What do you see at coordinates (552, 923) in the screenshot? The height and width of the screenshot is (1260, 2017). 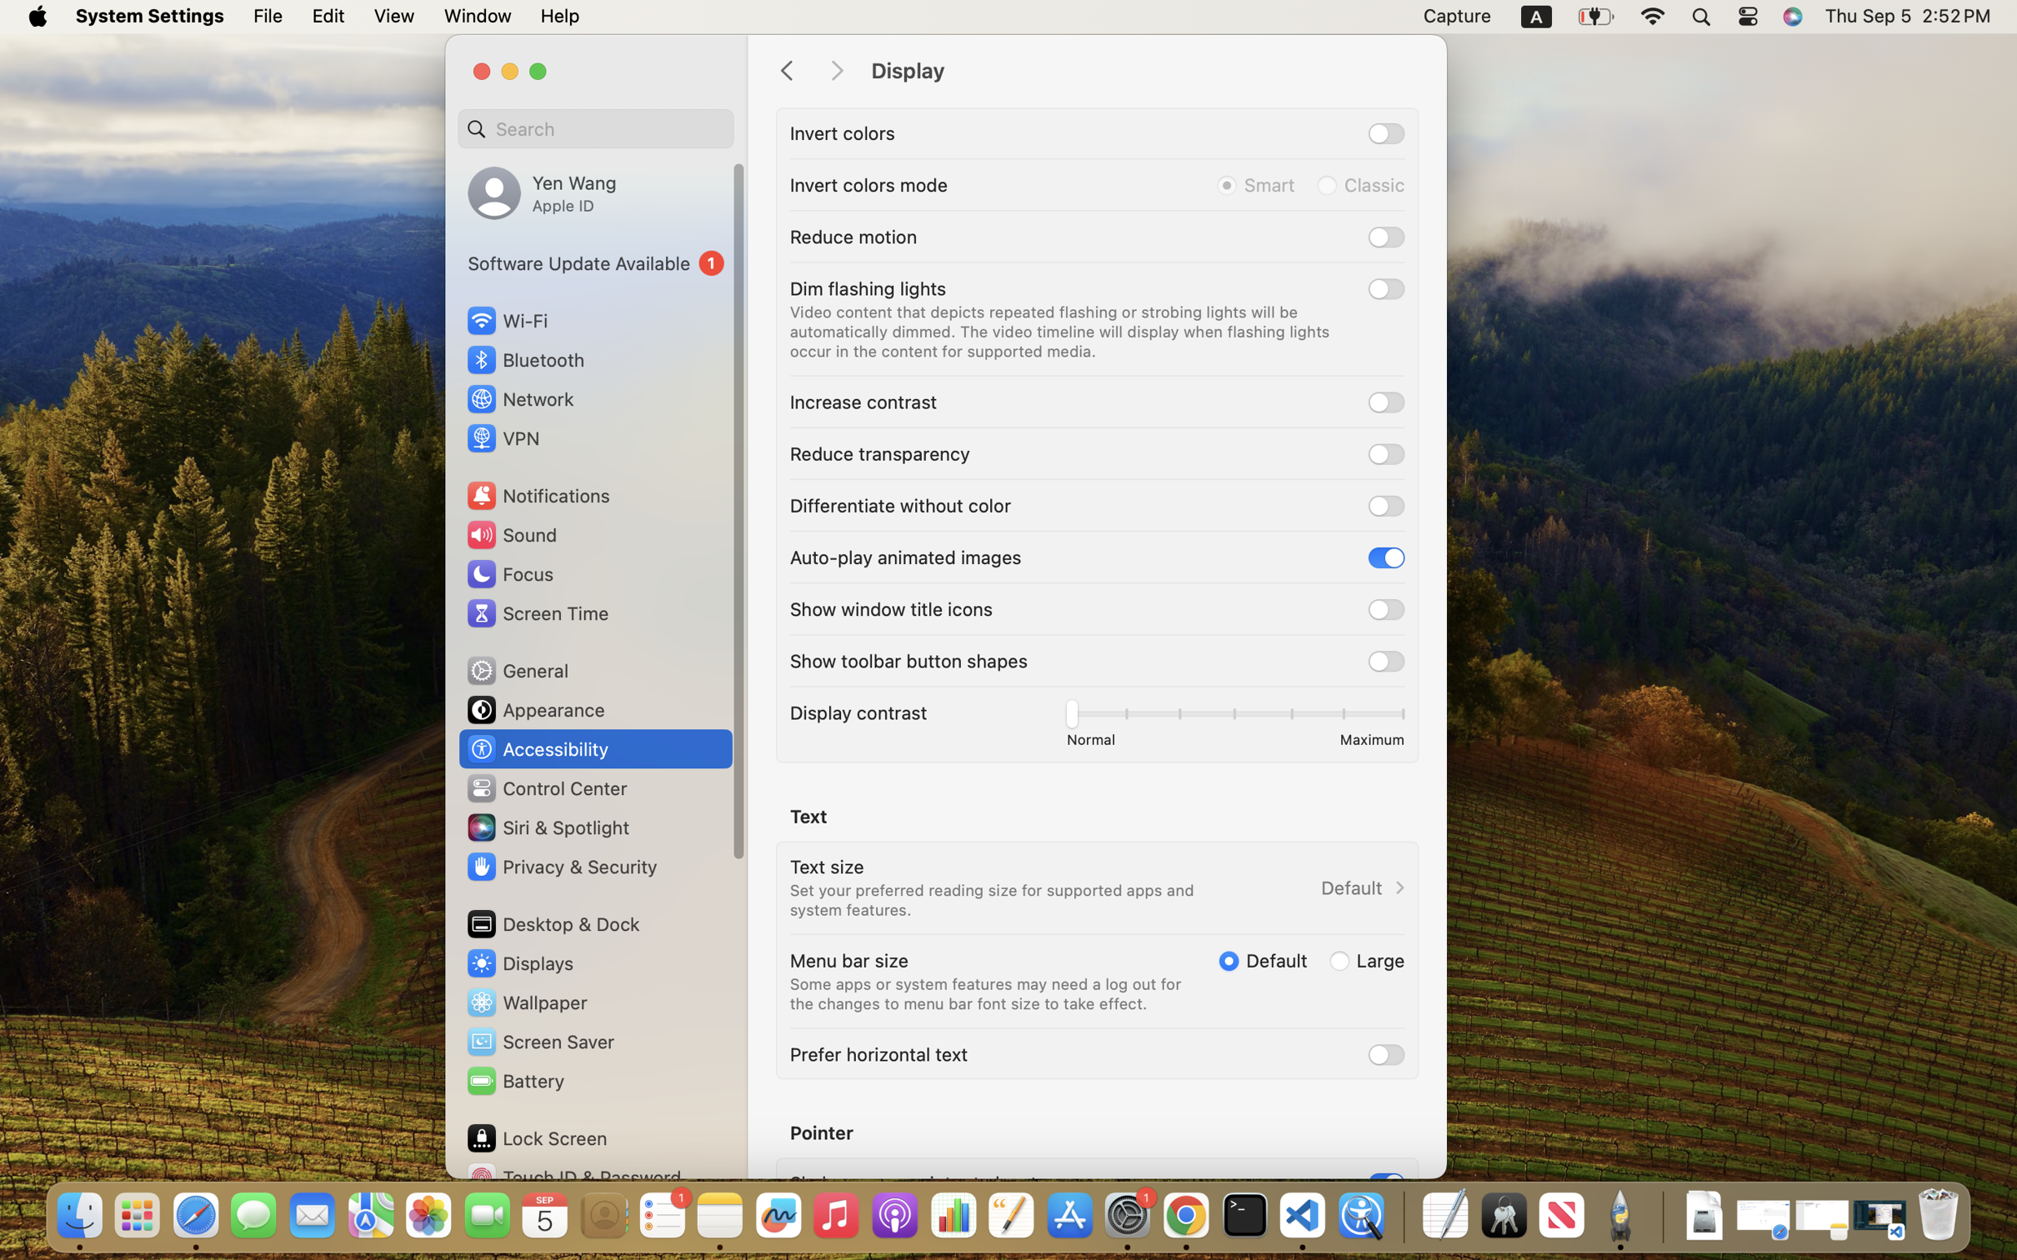 I see `'Desktop & Dock'` at bounding box center [552, 923].